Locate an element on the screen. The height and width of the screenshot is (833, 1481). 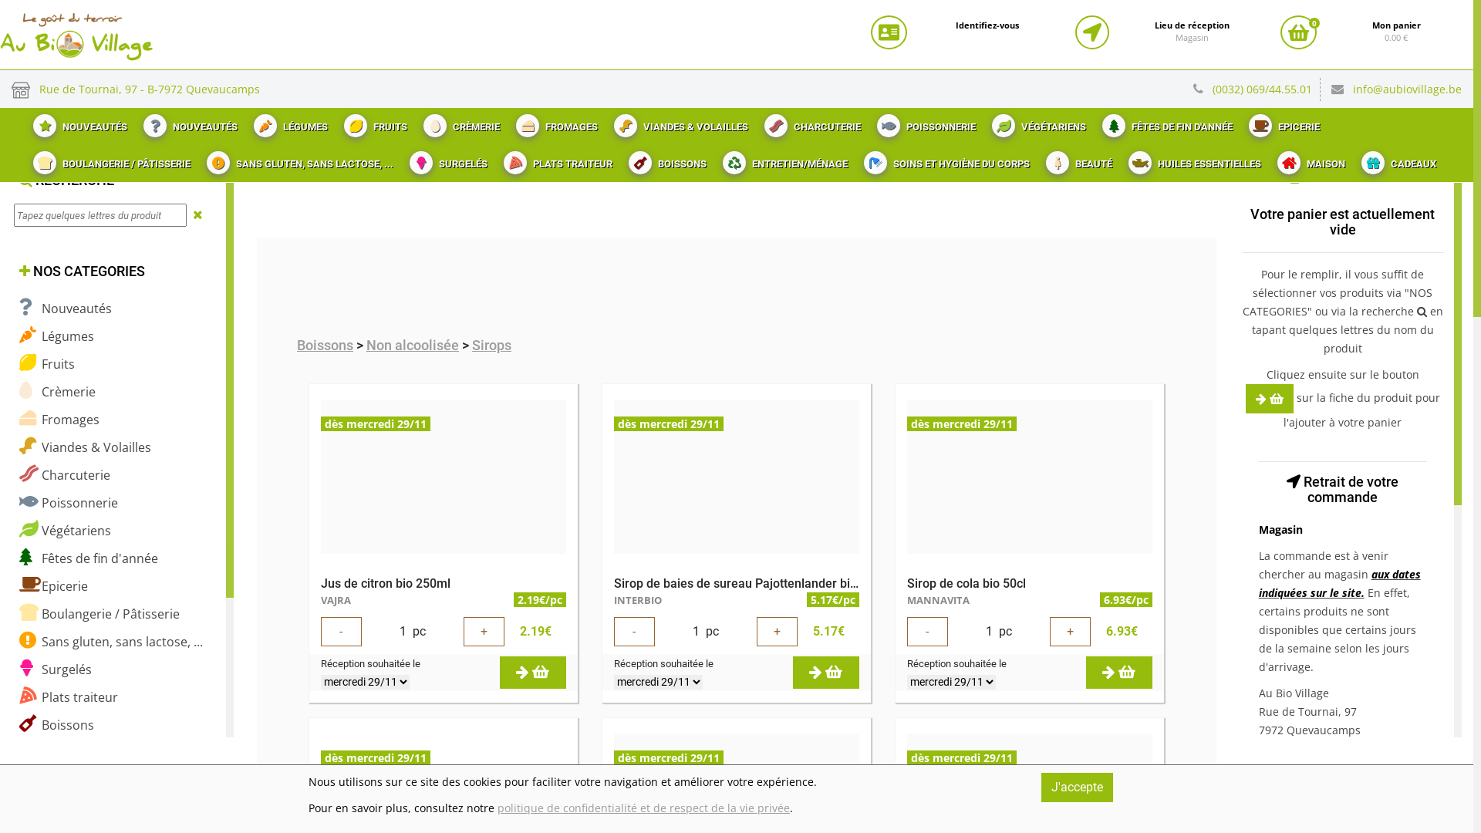
'Identifiez-vous' is located at coordinates (987, 25).